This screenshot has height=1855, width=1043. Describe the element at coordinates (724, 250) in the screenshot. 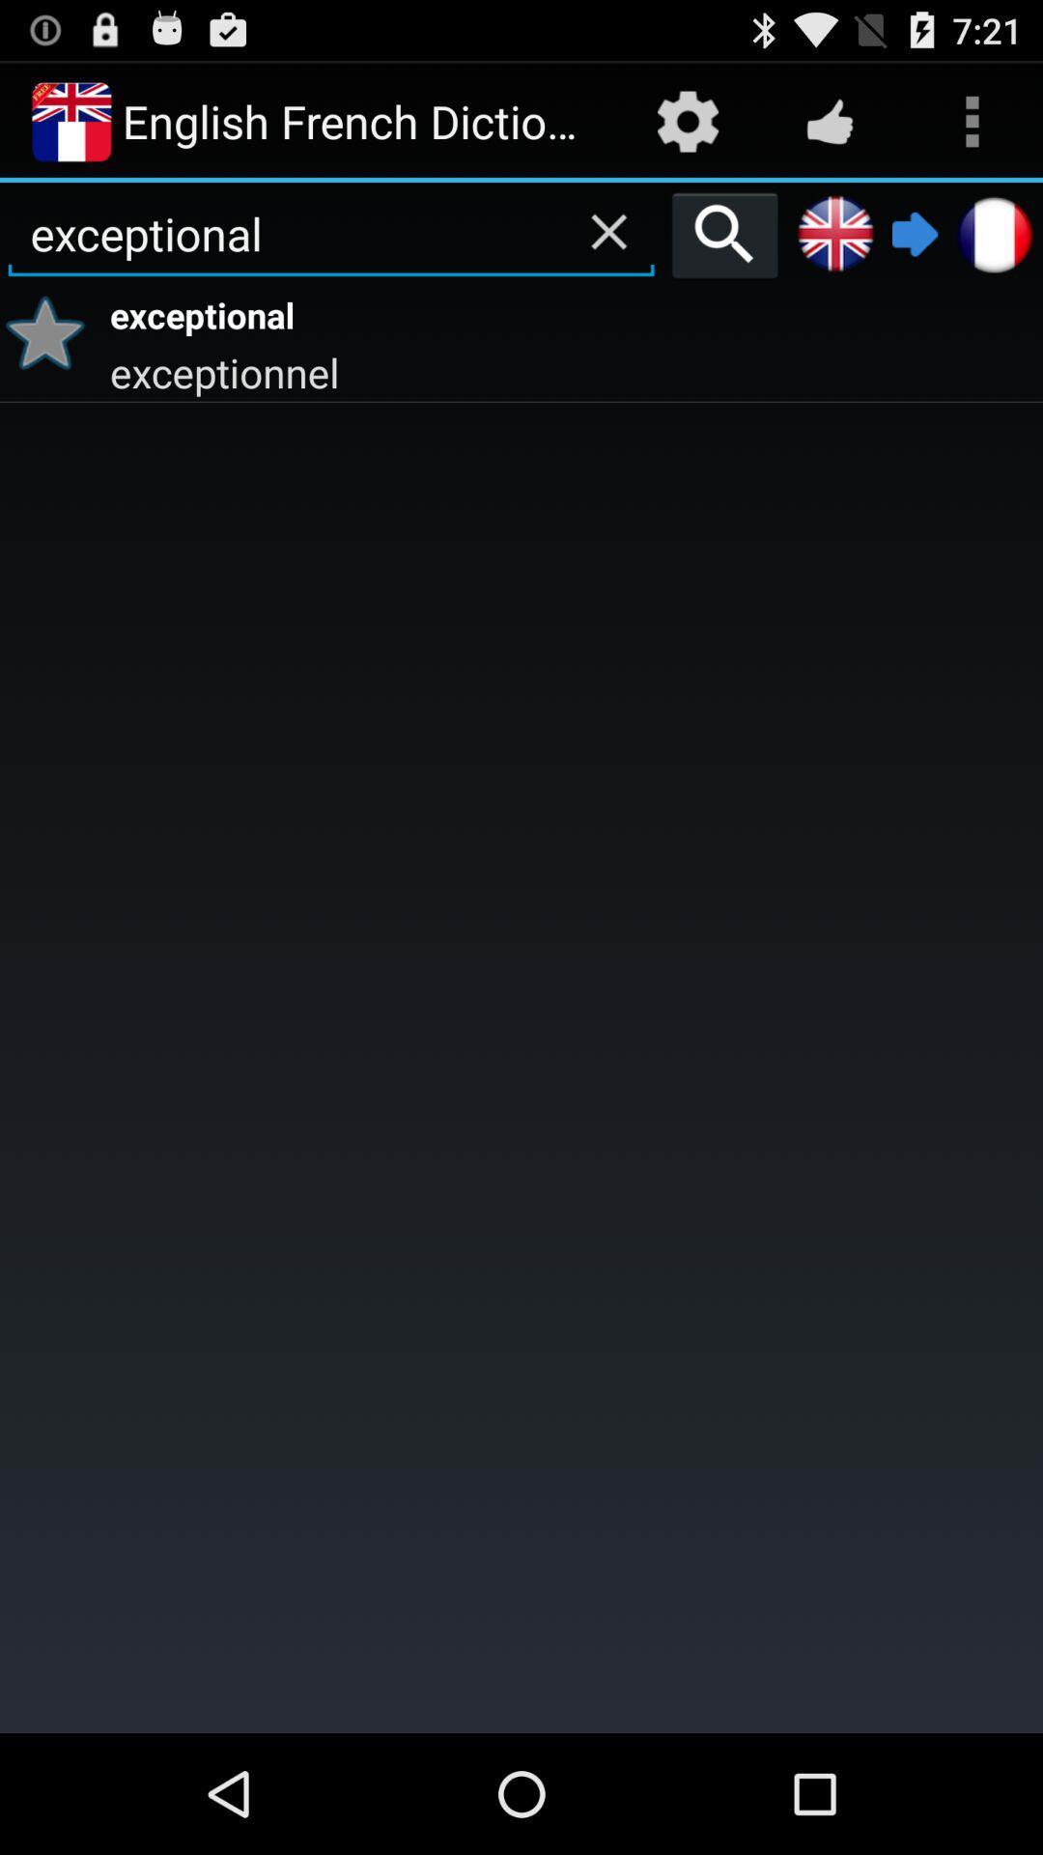

I see `the search icon` at that location.